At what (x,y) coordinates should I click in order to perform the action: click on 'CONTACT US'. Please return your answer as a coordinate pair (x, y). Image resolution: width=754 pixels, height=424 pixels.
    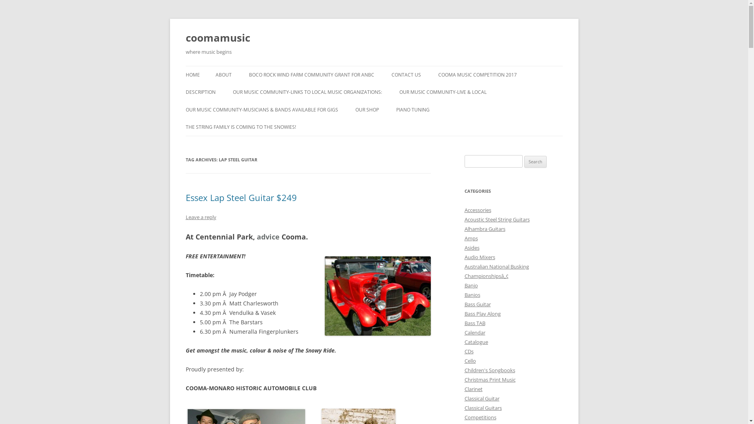
    Looking at the image, I should click on (406, 75).